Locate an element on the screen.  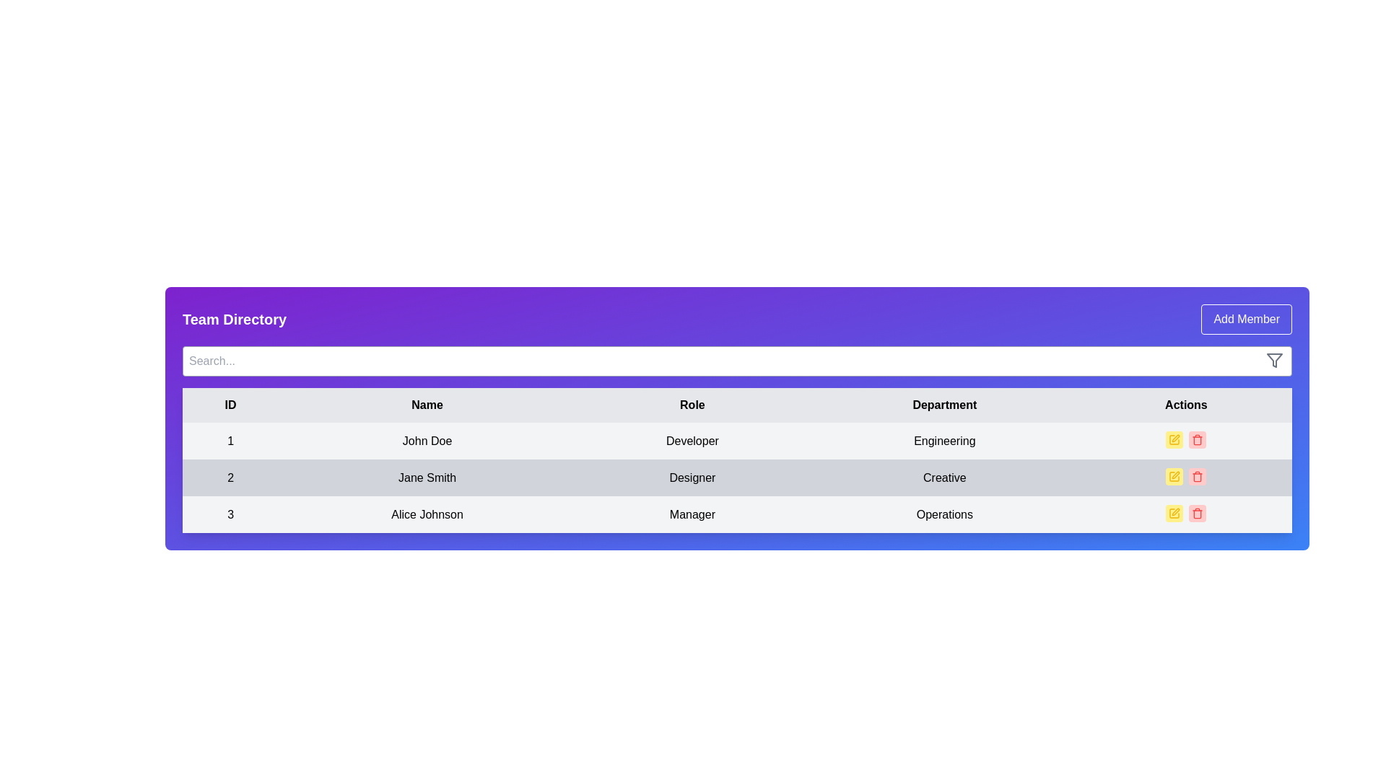
the edit button located in the rightmost section of the third row of the table, which is adjacent to the 'Operations' department and to the left of the red delete button, to initiate edit mode is located at coordinates (1174, 513).